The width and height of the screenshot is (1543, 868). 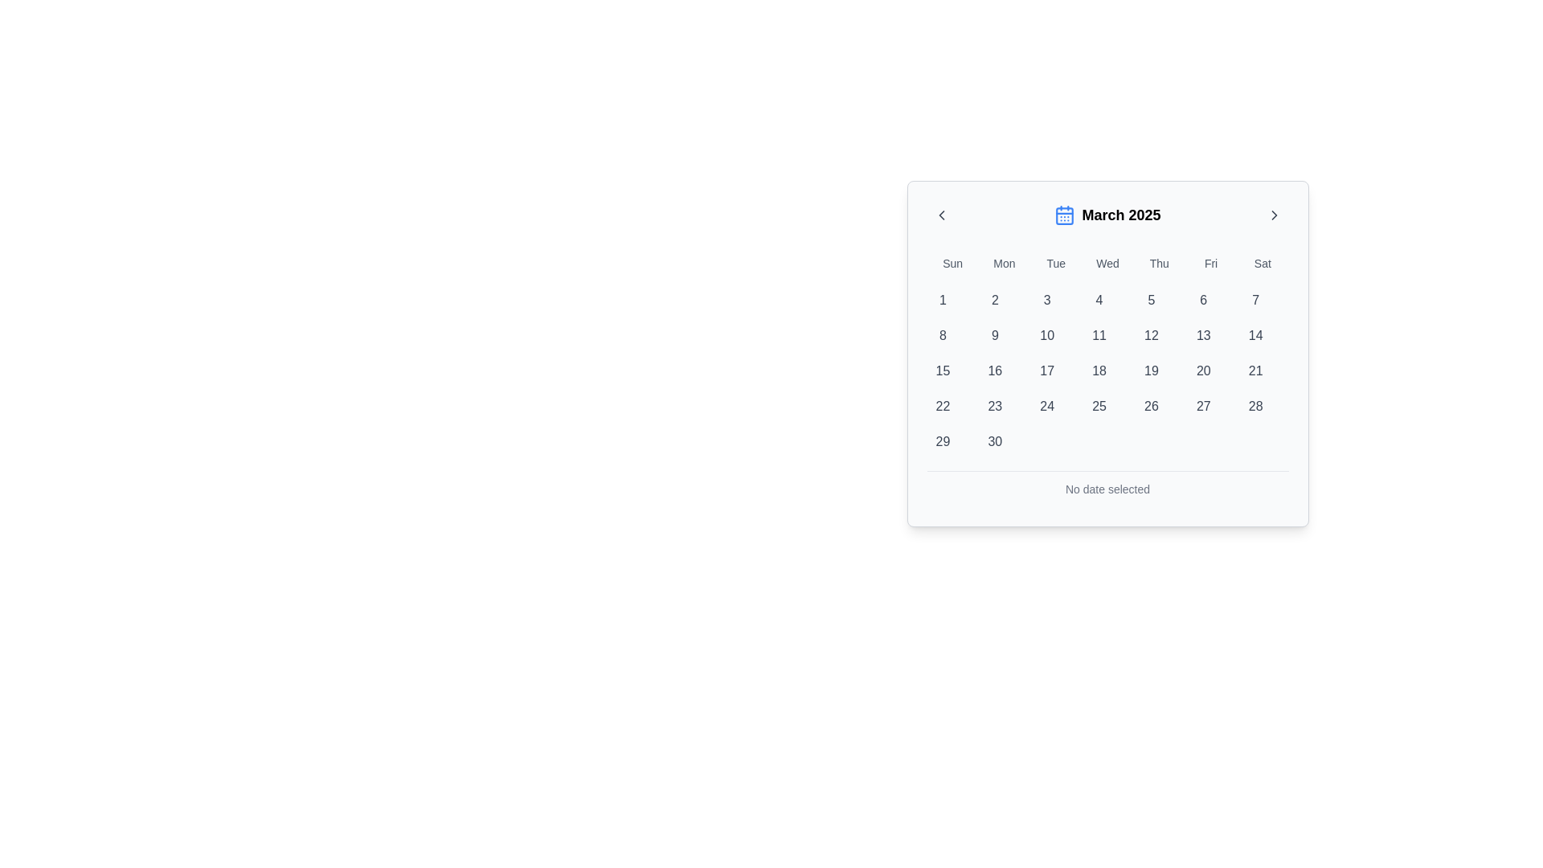 I want to click on the button representing the 24th day in the March 2025 calendar, so click(x=1047, y=405).